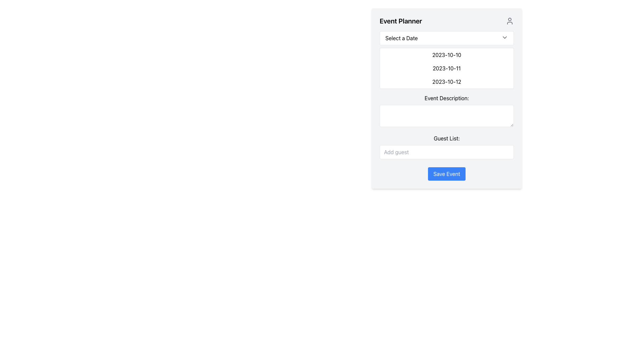  I want to click on the text label displaying 'Event Description:' which is positioned above the multi-line text input field in the form layout, so click(446, 98).